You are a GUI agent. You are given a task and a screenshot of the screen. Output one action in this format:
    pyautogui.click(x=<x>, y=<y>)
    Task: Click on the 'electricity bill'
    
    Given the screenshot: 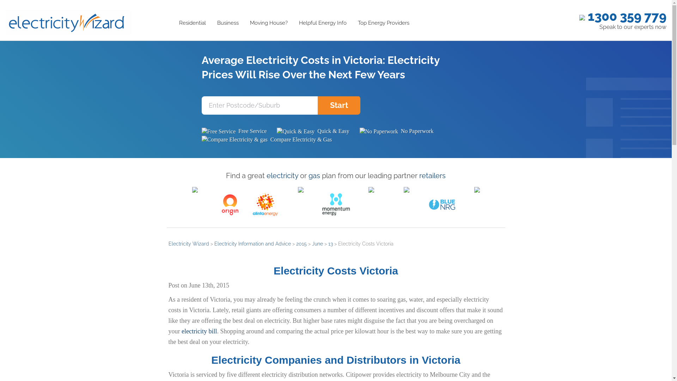 What is the action you would take?
    pyautogui.click(x=181, y=331)
    